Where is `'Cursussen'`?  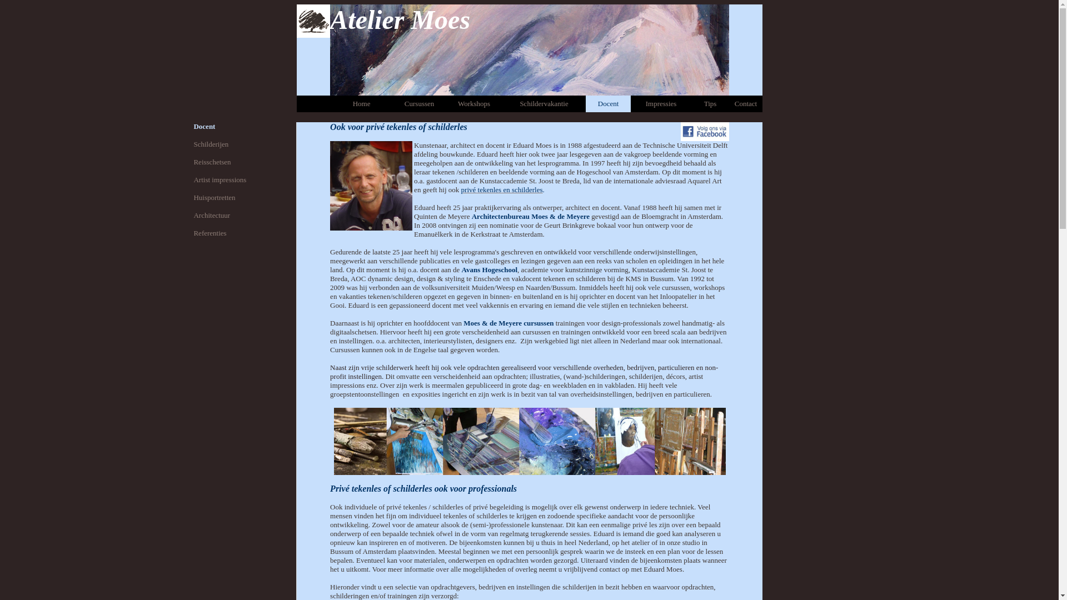
'Cursussen' is located at coordinates (418, 103).